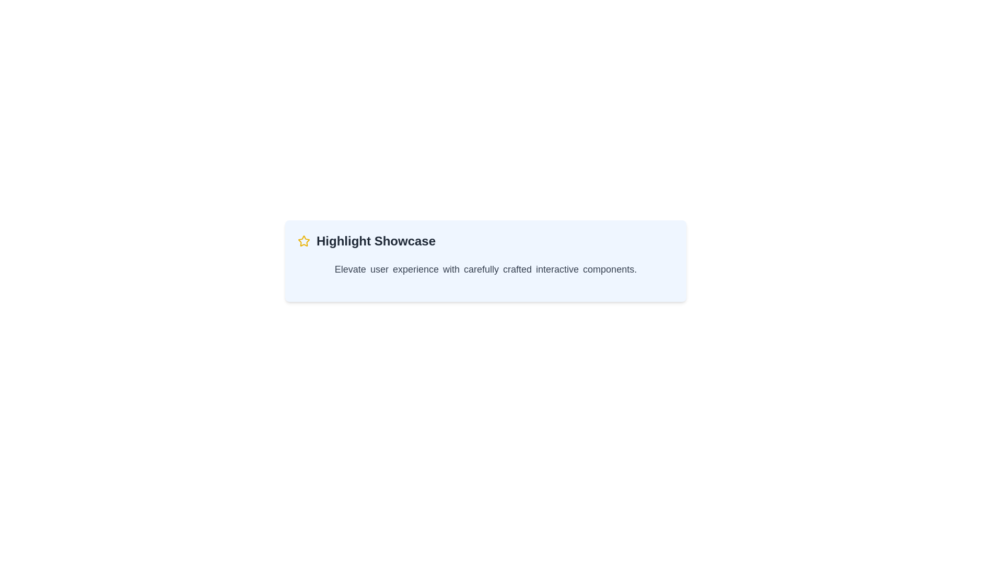 The image size is (1003, 564). I want to click on the text element reading 'with', which is the fourth word in the sentence below the title 'Highlight Showcase', so click(451, 269).